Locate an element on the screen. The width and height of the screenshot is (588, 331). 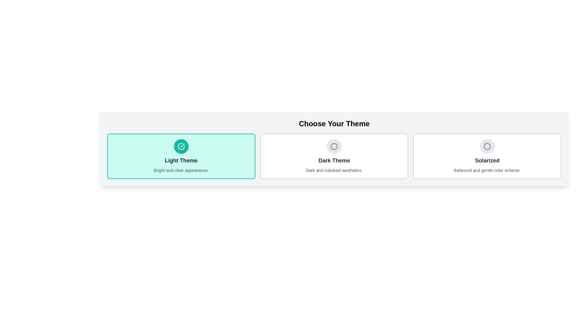
text of the title label for the selectable theme option located below the circular icon and above the descriptive text segment is located at coordinates (487, 160).